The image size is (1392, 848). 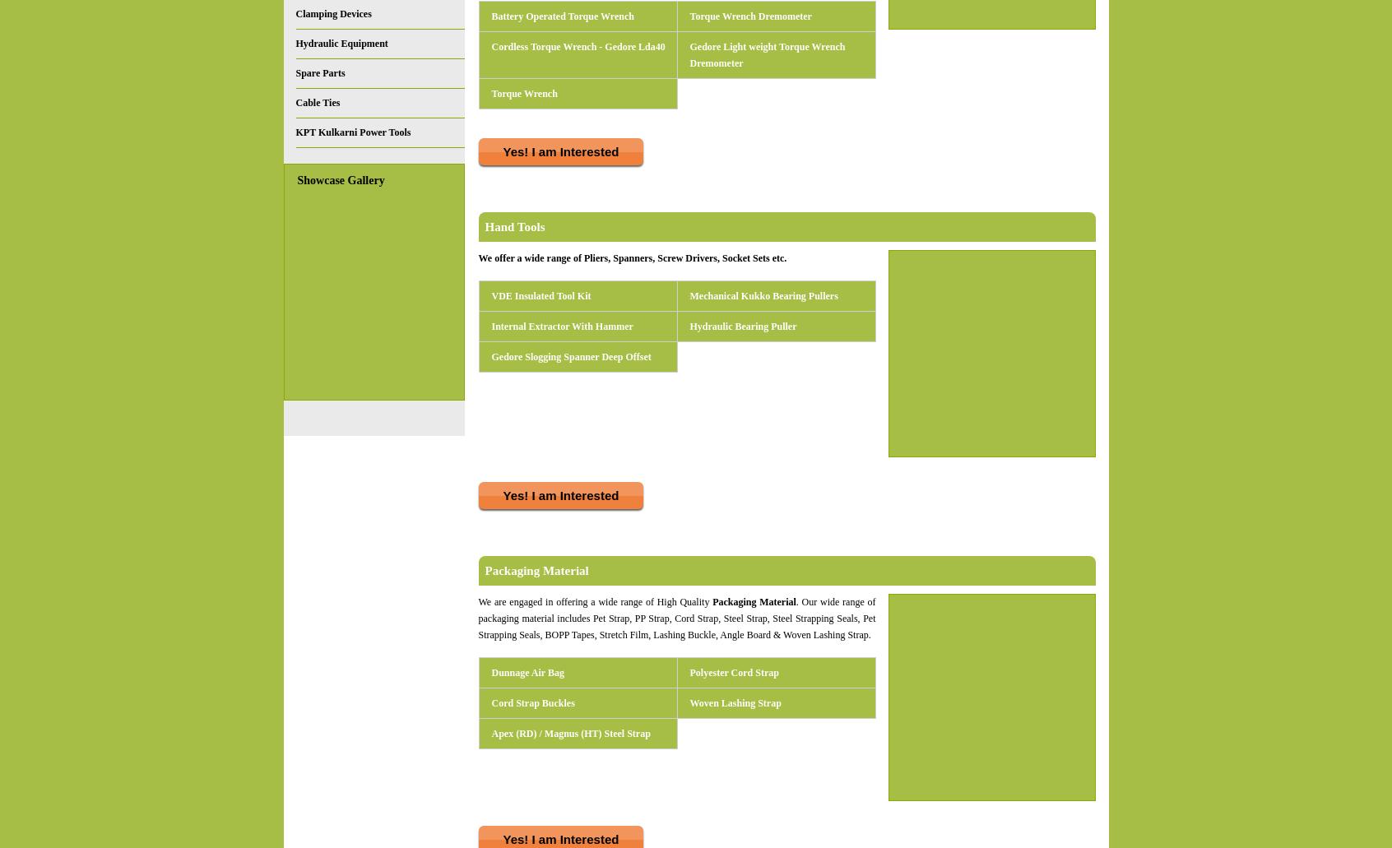 What do you see at coordinates (541, 295) in the screenshot?
I see `'VDE Insulated Tool Kit'` at bounding box center [541, 295].